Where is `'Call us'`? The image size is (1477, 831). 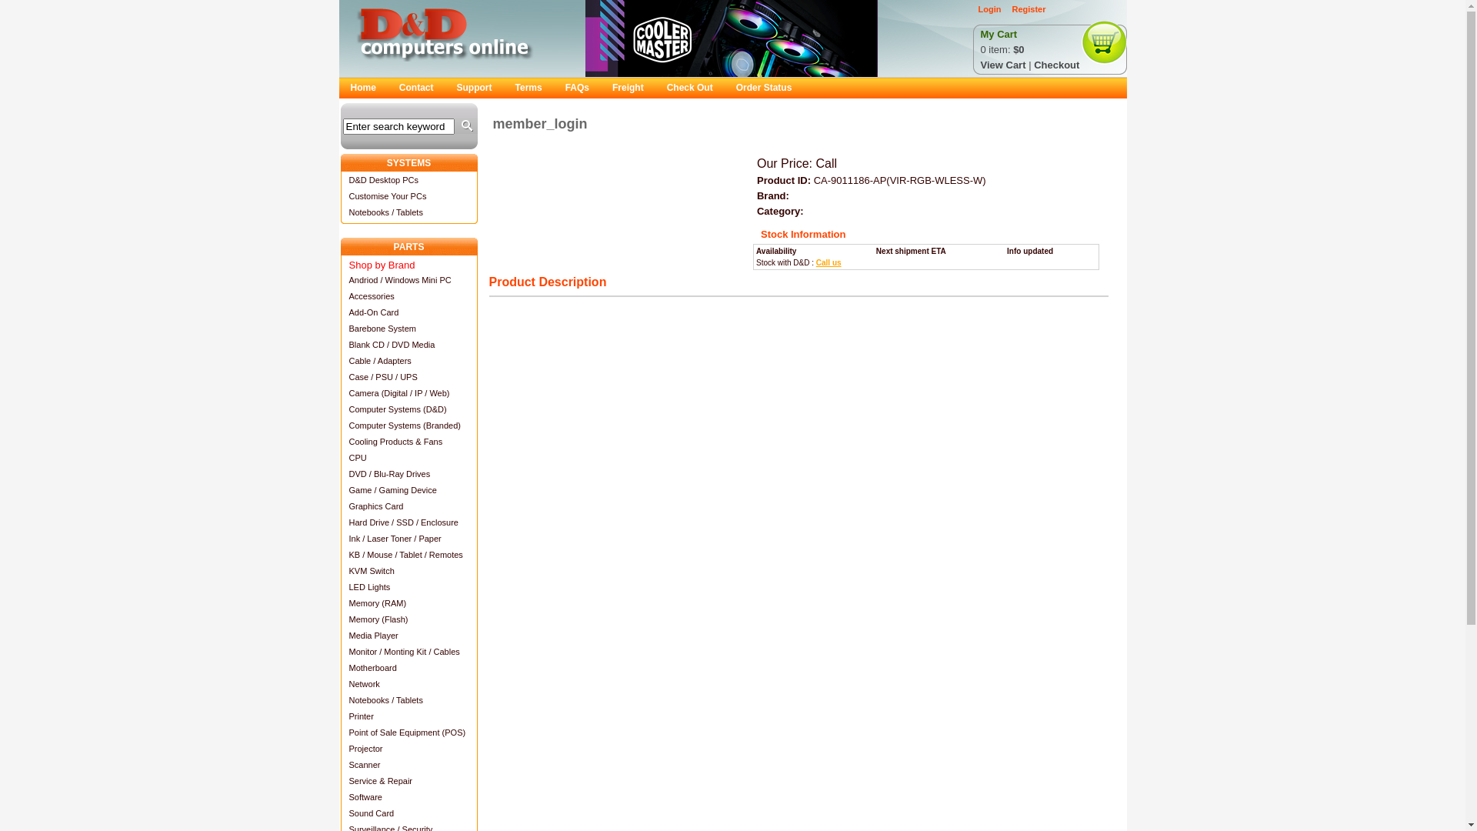
'Call us' is located at coordinates (828, 262).